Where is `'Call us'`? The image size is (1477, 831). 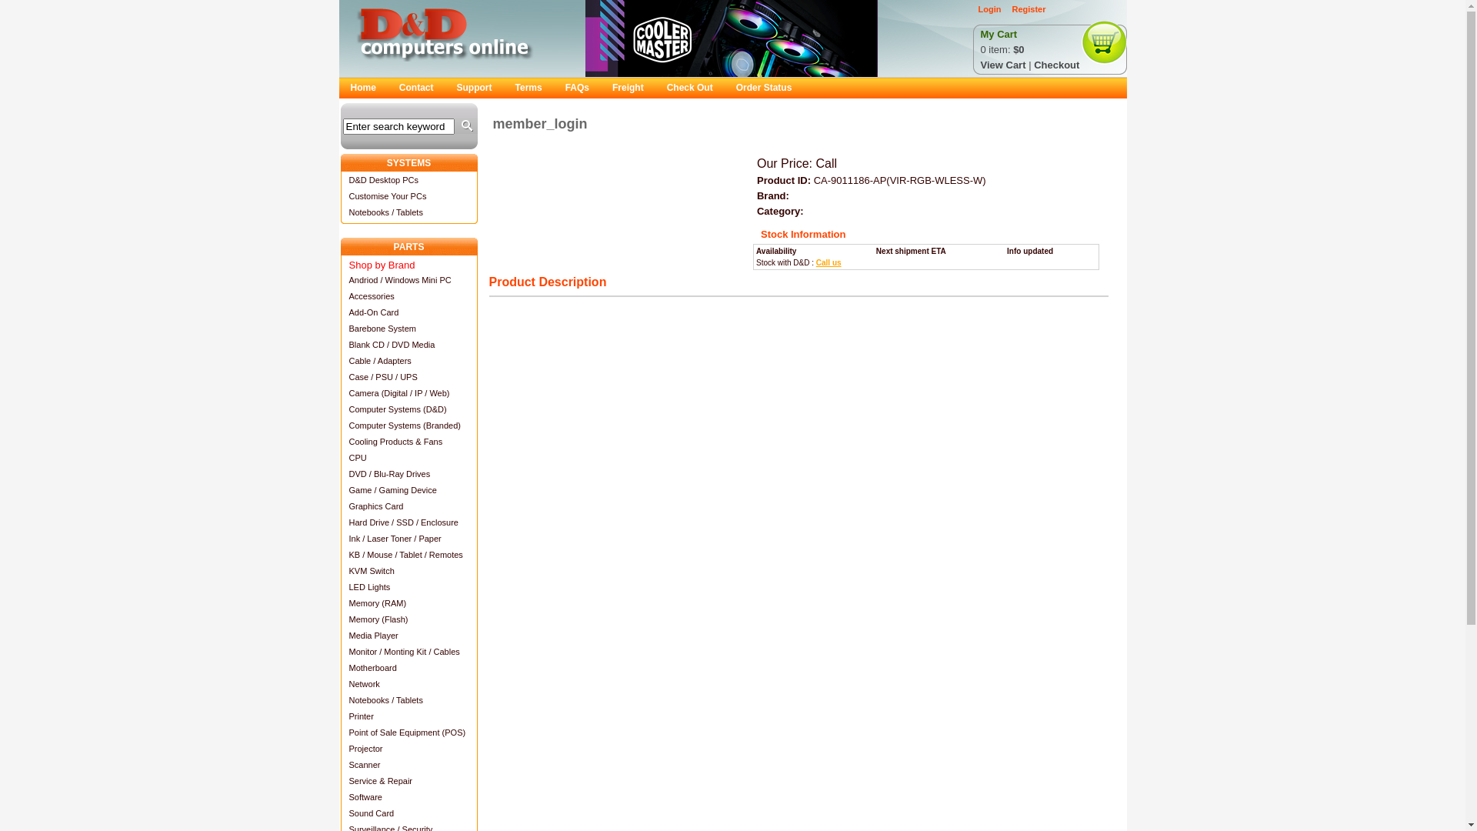
'Call us' is located at coordinates (828, 262).